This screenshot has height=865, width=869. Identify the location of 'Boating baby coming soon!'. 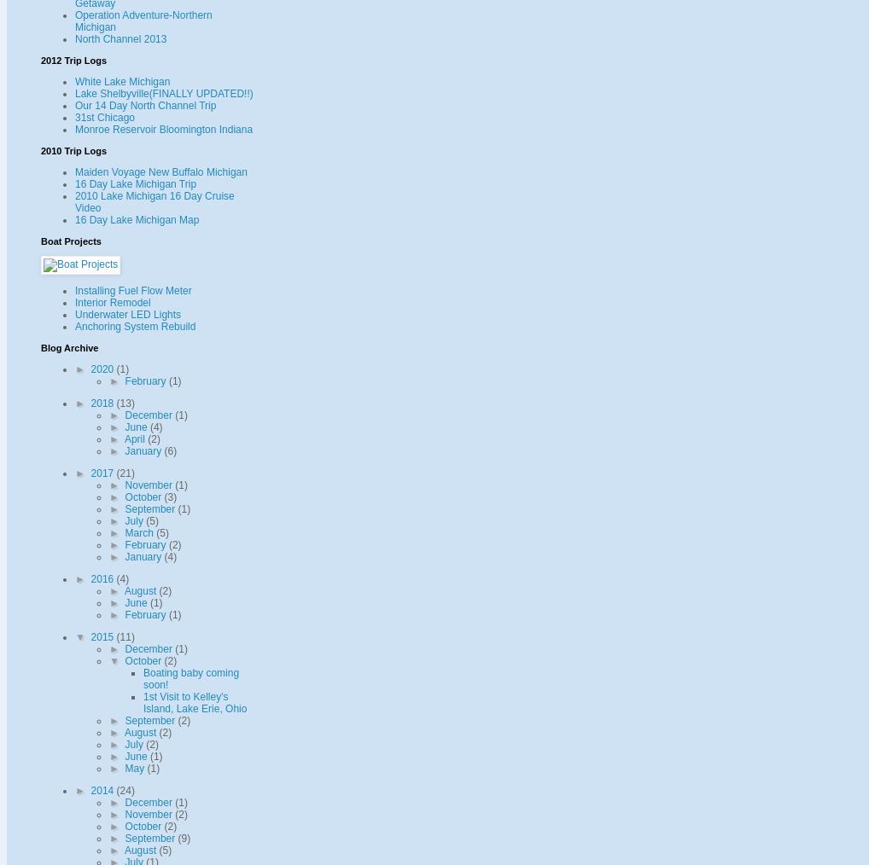
(143, 677).